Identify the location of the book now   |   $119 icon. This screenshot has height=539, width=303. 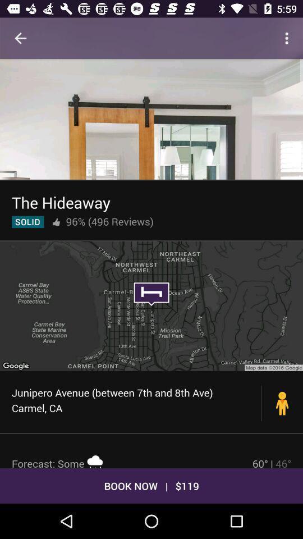
(151, 485).